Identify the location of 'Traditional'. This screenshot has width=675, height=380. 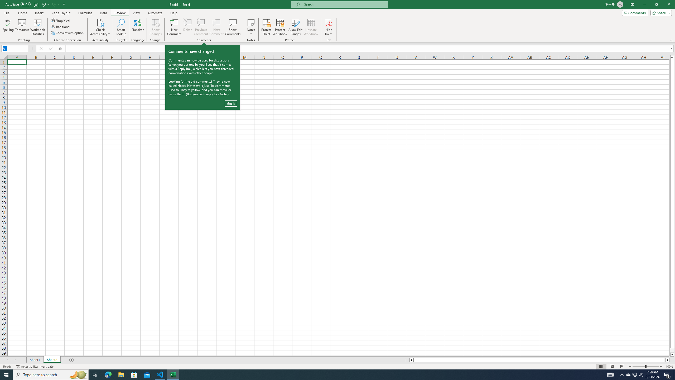
(61, 26).